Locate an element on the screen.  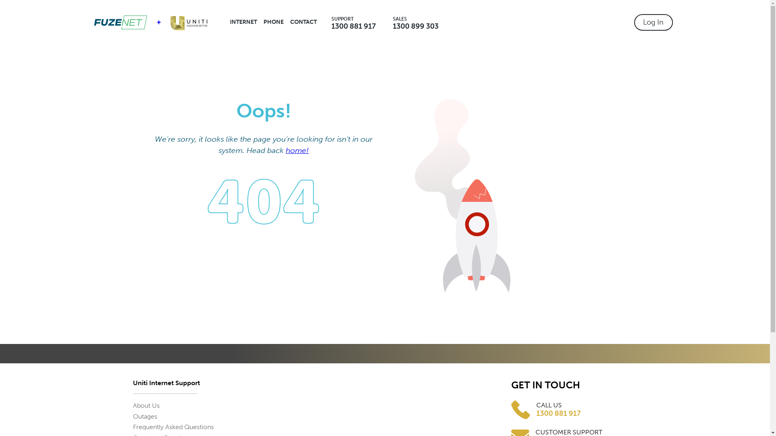
'+' is located at coordinates (158, 22).